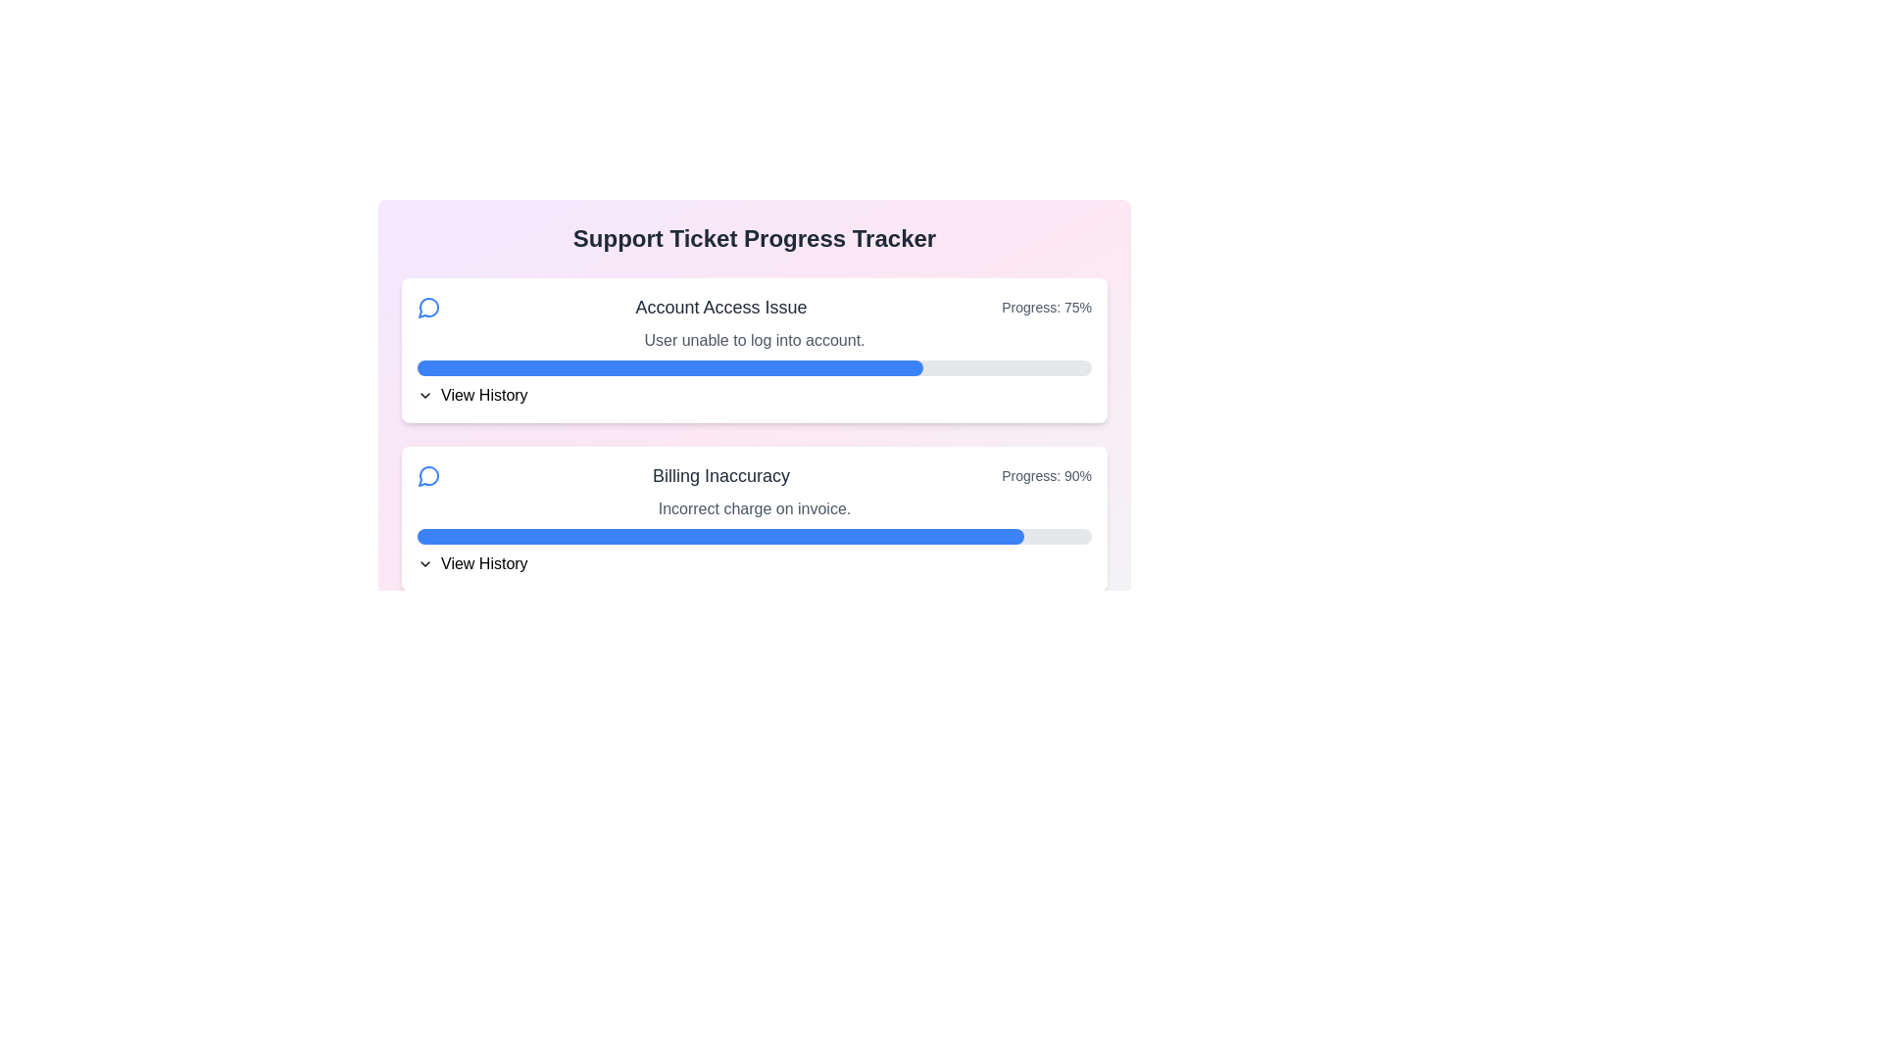 The height and width of the screenshot is (1058, 1882). Describe the element at coordinates (753, 237) in the screenshot. I see `the Header text which serves as the title for the section, providing context to the content that follows` at that location.